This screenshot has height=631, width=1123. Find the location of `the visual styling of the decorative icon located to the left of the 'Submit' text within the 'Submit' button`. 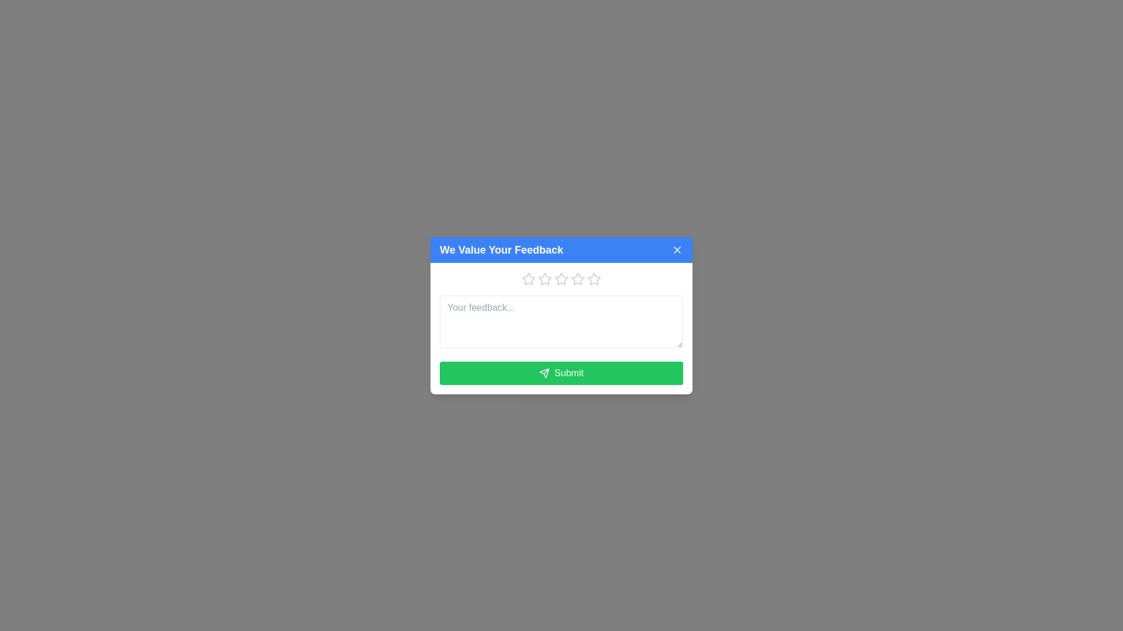

the visual styling of the decorative icon located to the left of the 'Submit' text within the 'Submit' button is located at coordinates (544, 373).